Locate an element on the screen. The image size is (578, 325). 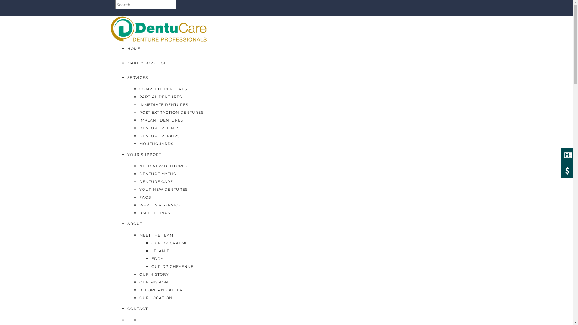
'SERVICES' is located at coordinates (137, 77).